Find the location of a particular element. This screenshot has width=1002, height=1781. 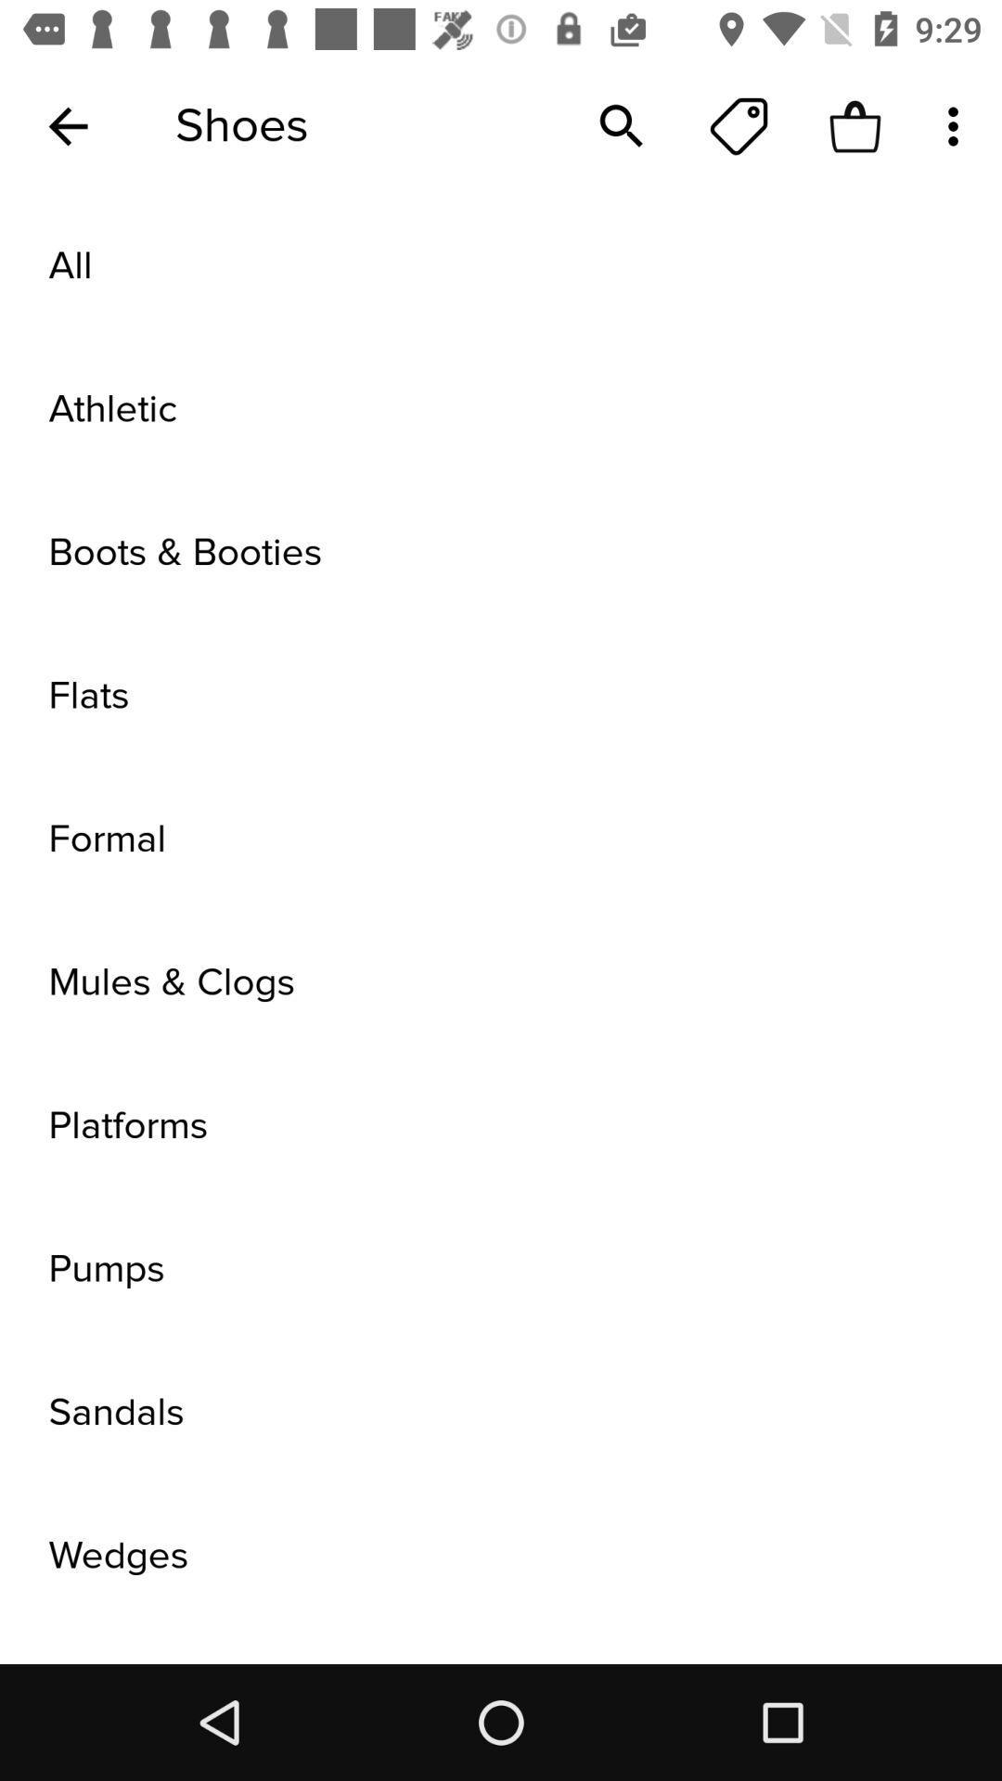

boots & booties item is located at coordinates (501, 552).